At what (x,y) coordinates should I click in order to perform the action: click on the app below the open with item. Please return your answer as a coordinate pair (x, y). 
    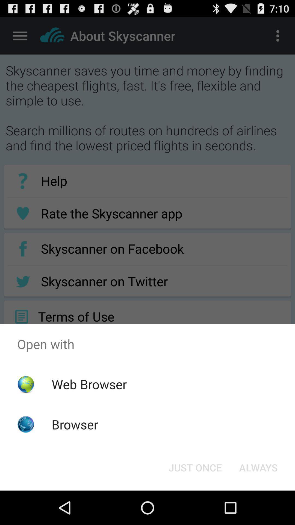
    Looking at the image, I should click on (89, 384).